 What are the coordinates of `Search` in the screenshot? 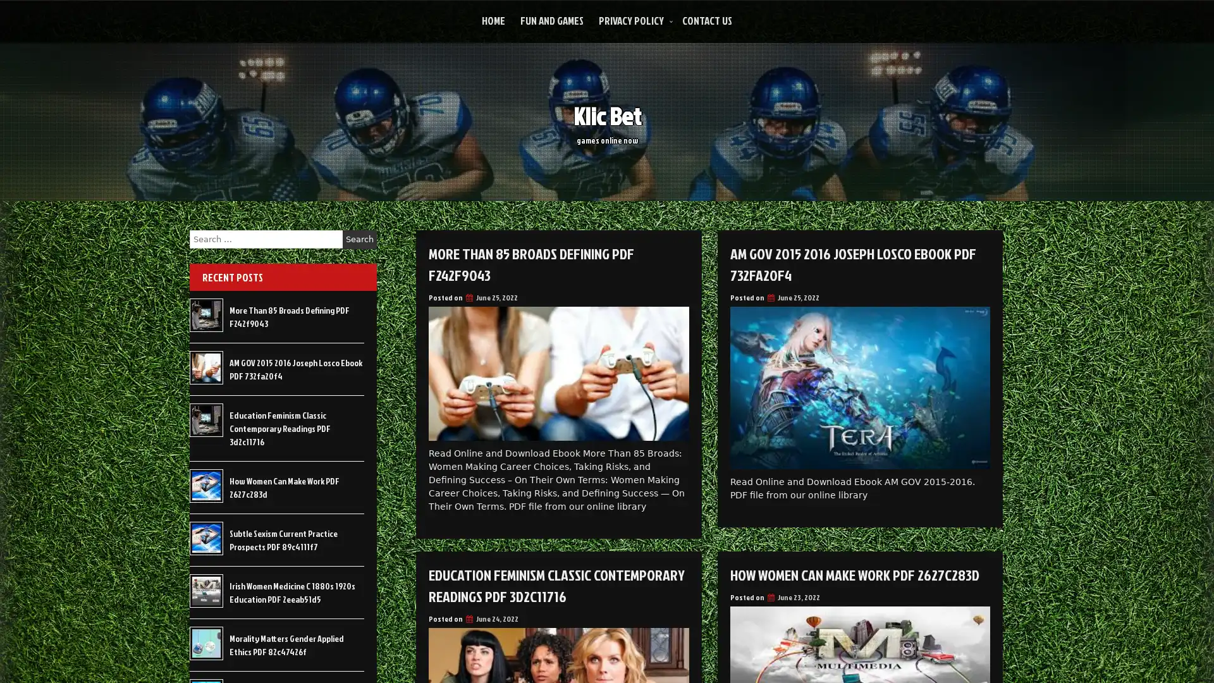 It's located at (359, 239).